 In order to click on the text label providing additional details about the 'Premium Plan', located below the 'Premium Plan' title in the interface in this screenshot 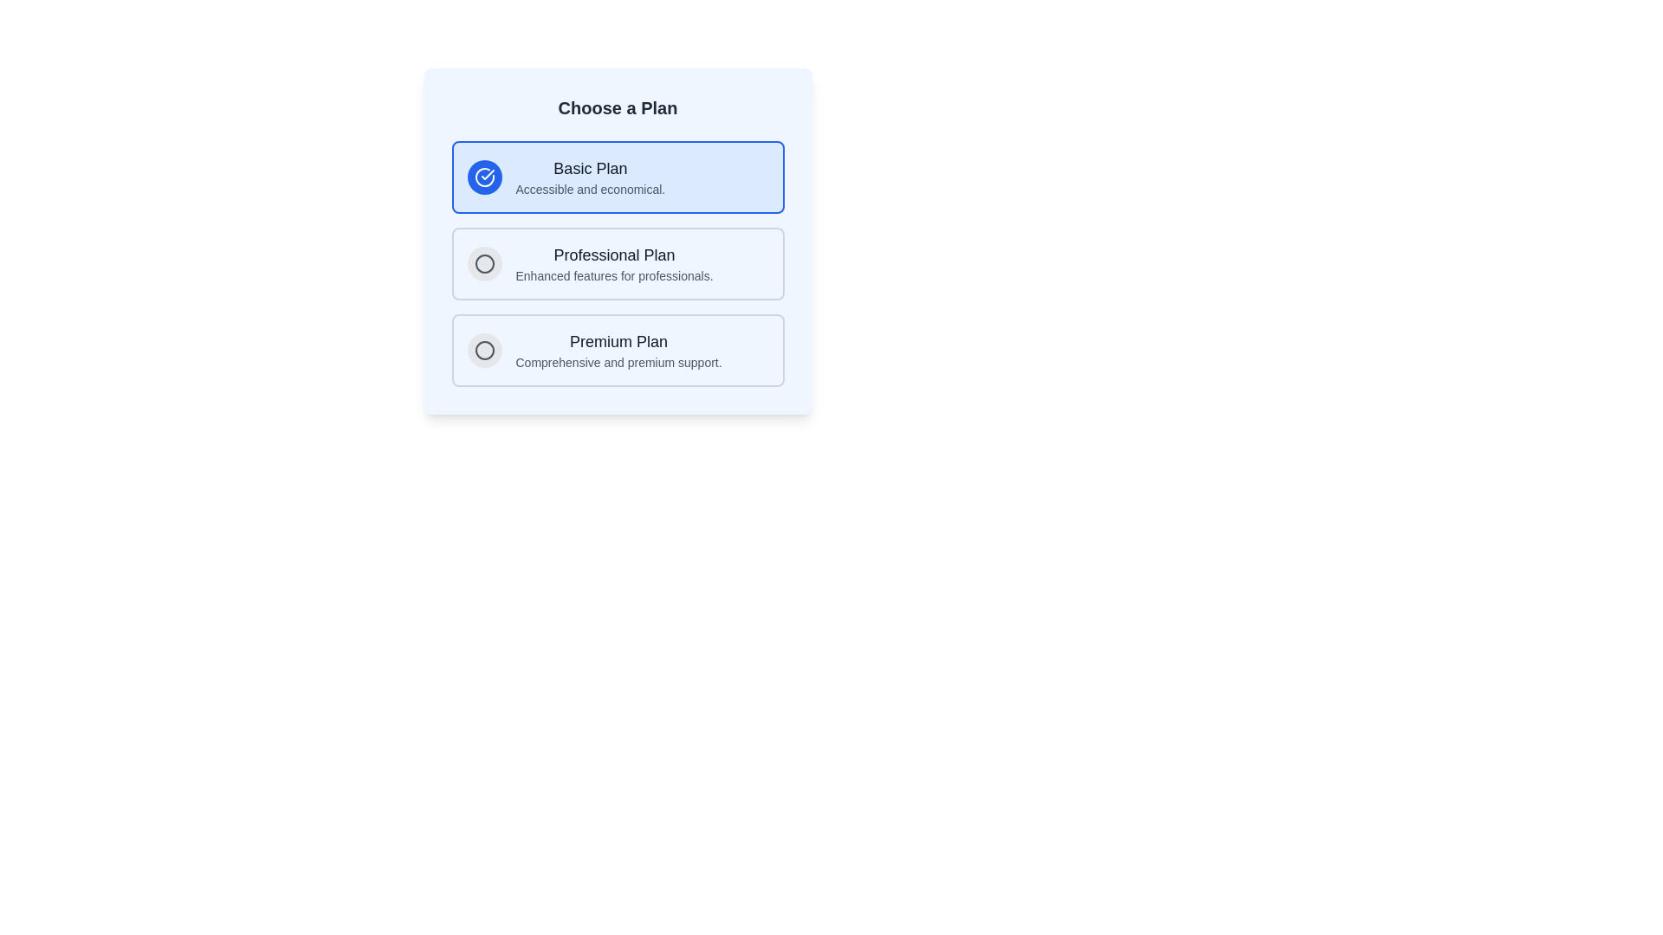, I will do `click(618, 362)`.